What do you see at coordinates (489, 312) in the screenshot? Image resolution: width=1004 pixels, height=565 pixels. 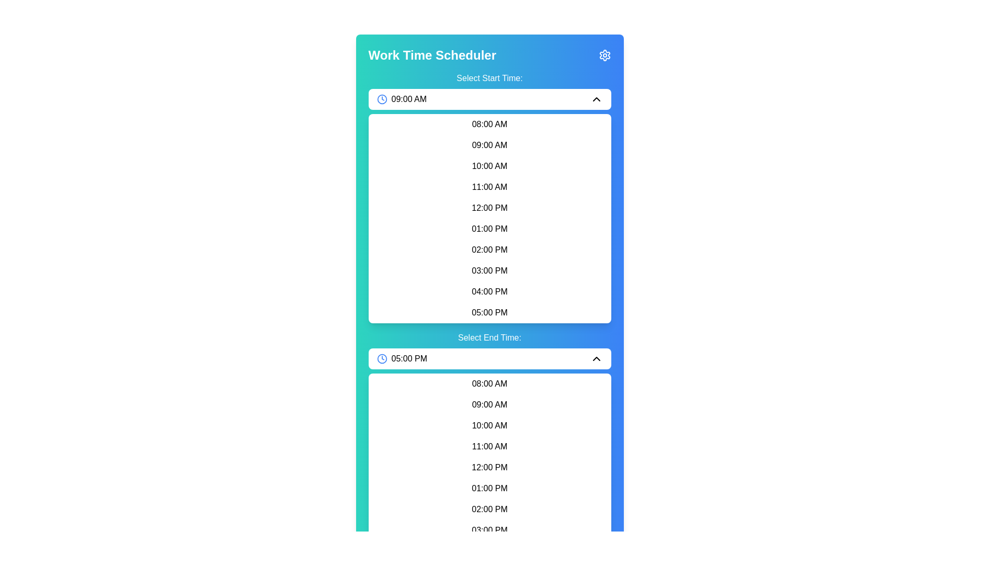 I see `the list item for '05:00 PM', the last option in the 'Select Start Time' section` at bounding box center [489, 312].